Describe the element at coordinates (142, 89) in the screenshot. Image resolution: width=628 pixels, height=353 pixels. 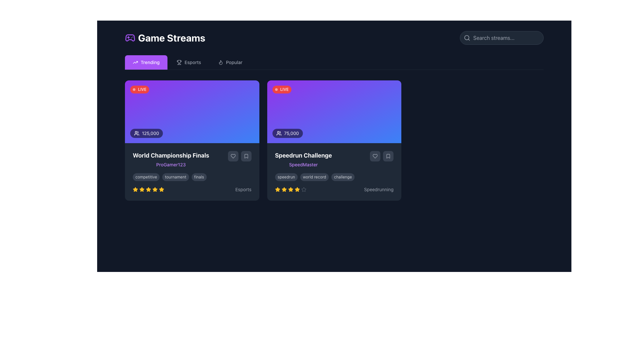
I see `text displayed on the 'LIVE' label, which is a small text component with a white font on a red rectangular background, located inside a red badge in the top-left area of a card` at that location.